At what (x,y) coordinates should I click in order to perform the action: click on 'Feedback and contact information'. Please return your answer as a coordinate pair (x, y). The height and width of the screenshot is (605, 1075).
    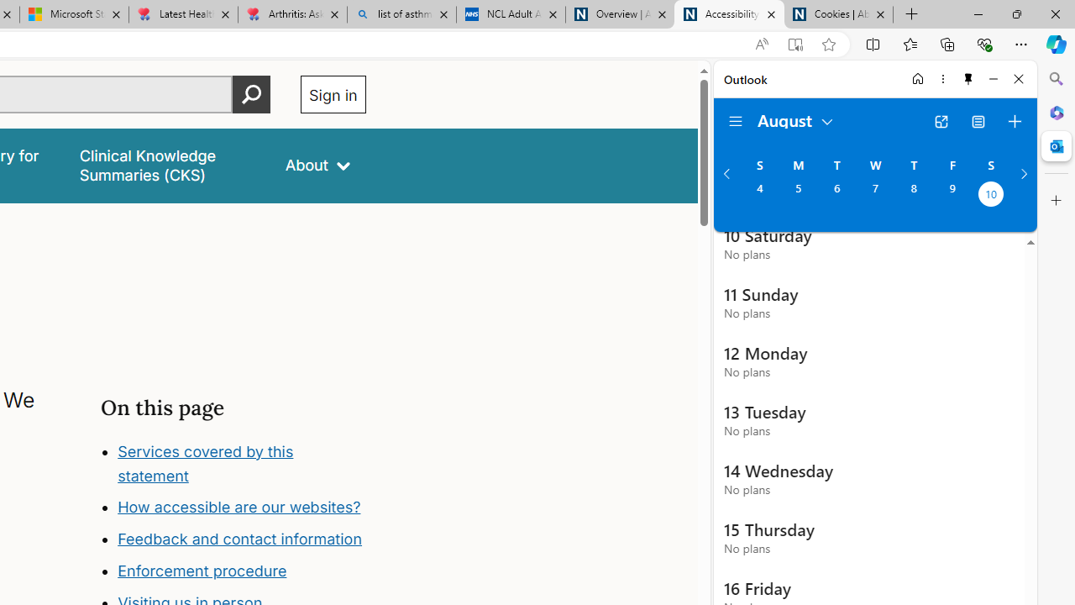
    Looking at the image, I should click on (241, 539).